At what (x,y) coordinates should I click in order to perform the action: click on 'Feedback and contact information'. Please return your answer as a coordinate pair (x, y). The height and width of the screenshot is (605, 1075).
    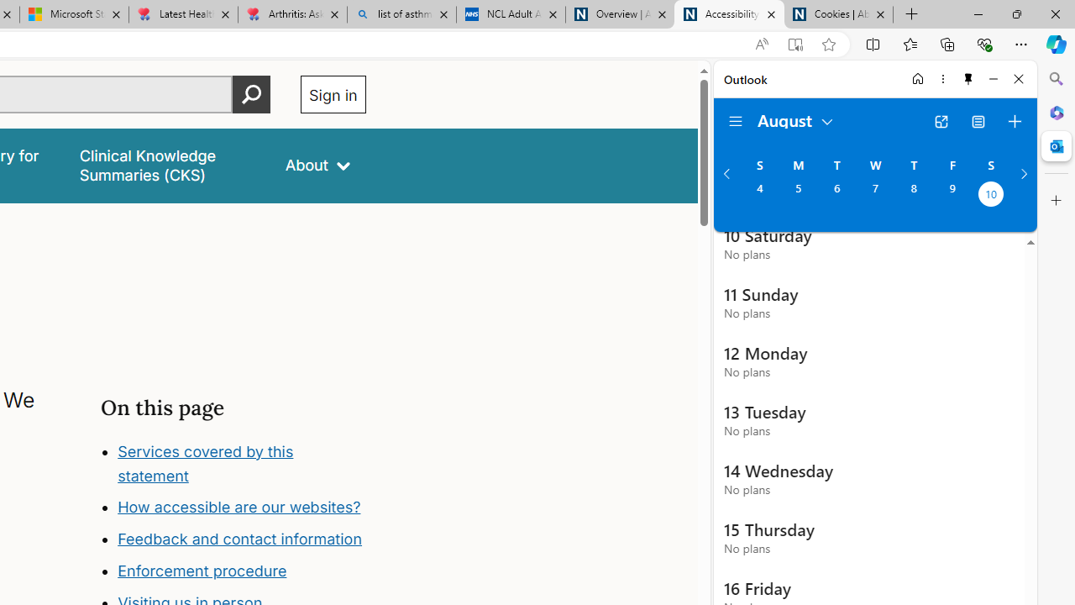
    Looking at the image, I should click on (241, 539).